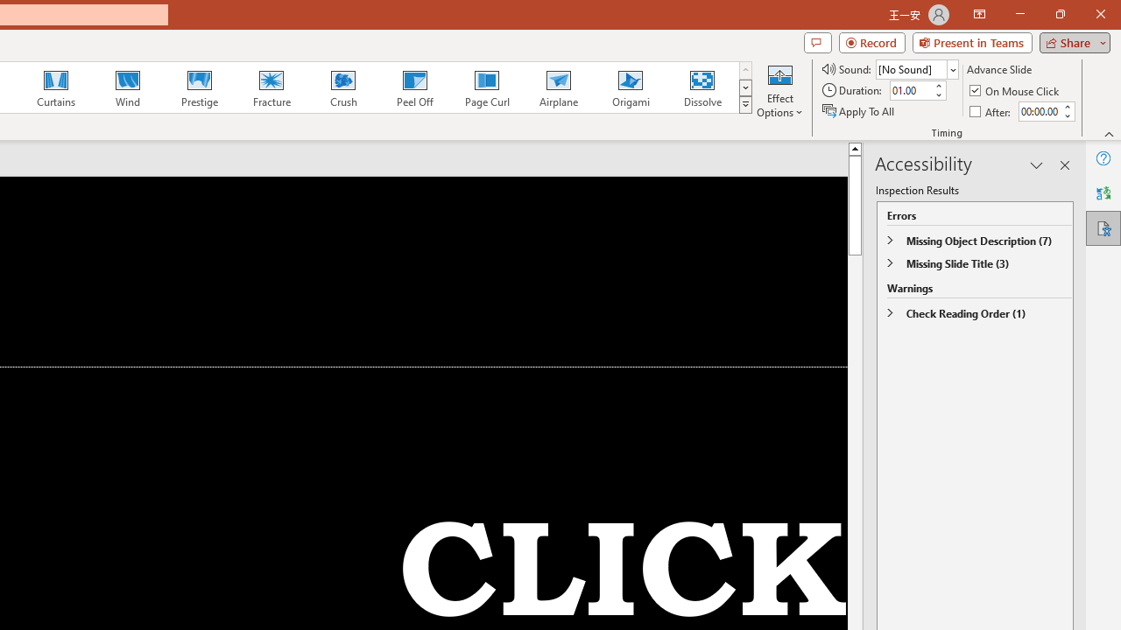 The height and width of the screenshot is (630, 1121). I want to click on 'Less', so click(1066, 115).